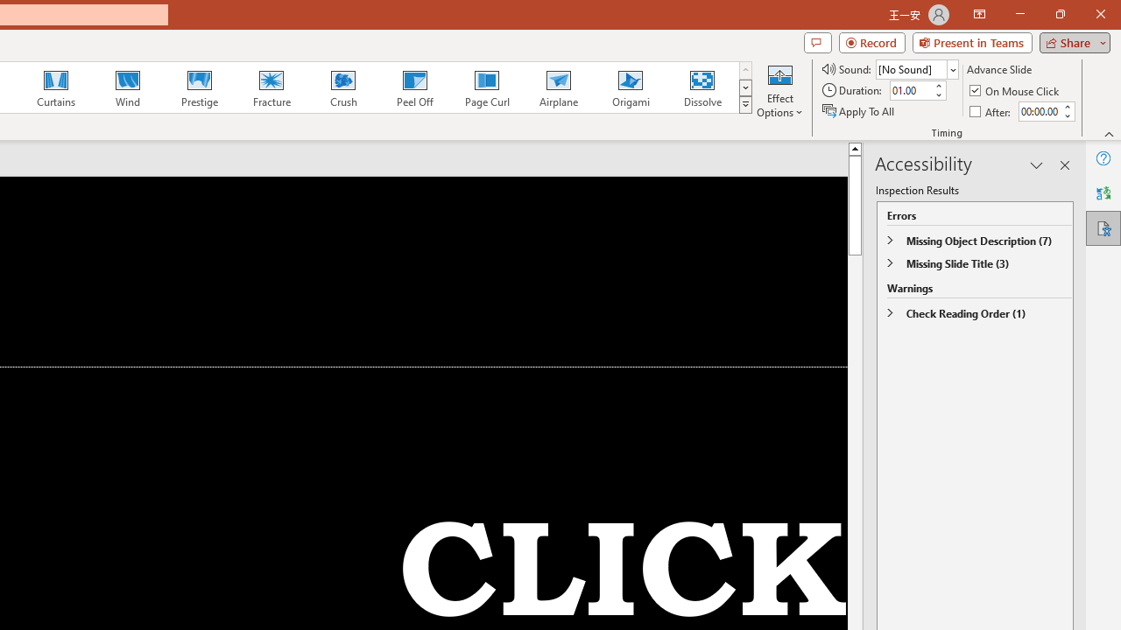 The height and width of the screenshot is (630, 1121). I want to click on 'Less', so click(1066, 115).